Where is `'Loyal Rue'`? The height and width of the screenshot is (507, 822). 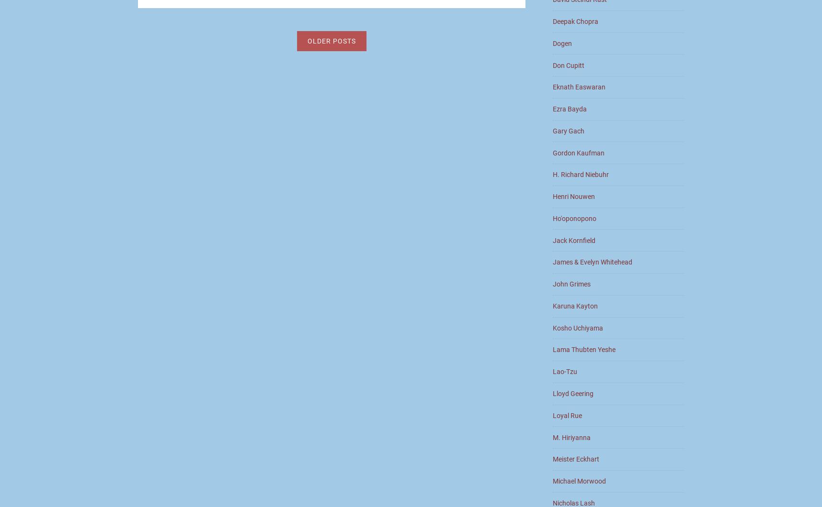 'Loyal Rue' is located at coordinates (567, 415).